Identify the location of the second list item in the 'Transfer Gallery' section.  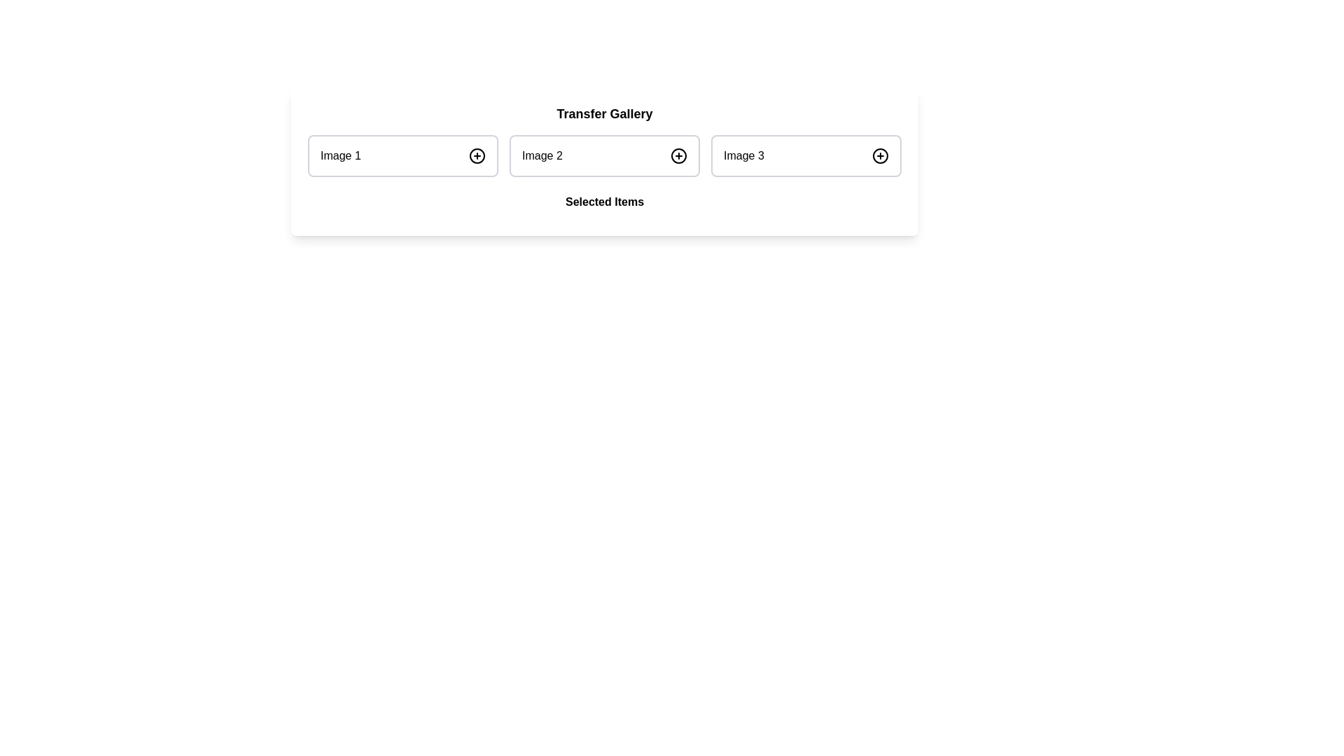
(605, 156).